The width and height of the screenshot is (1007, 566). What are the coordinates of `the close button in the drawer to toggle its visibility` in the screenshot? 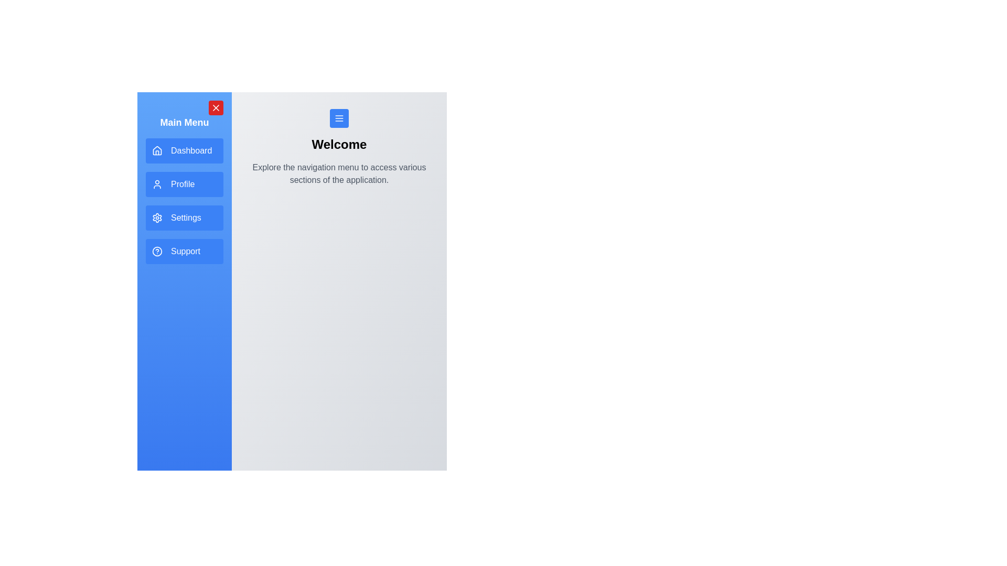 It's located at (216, 107).